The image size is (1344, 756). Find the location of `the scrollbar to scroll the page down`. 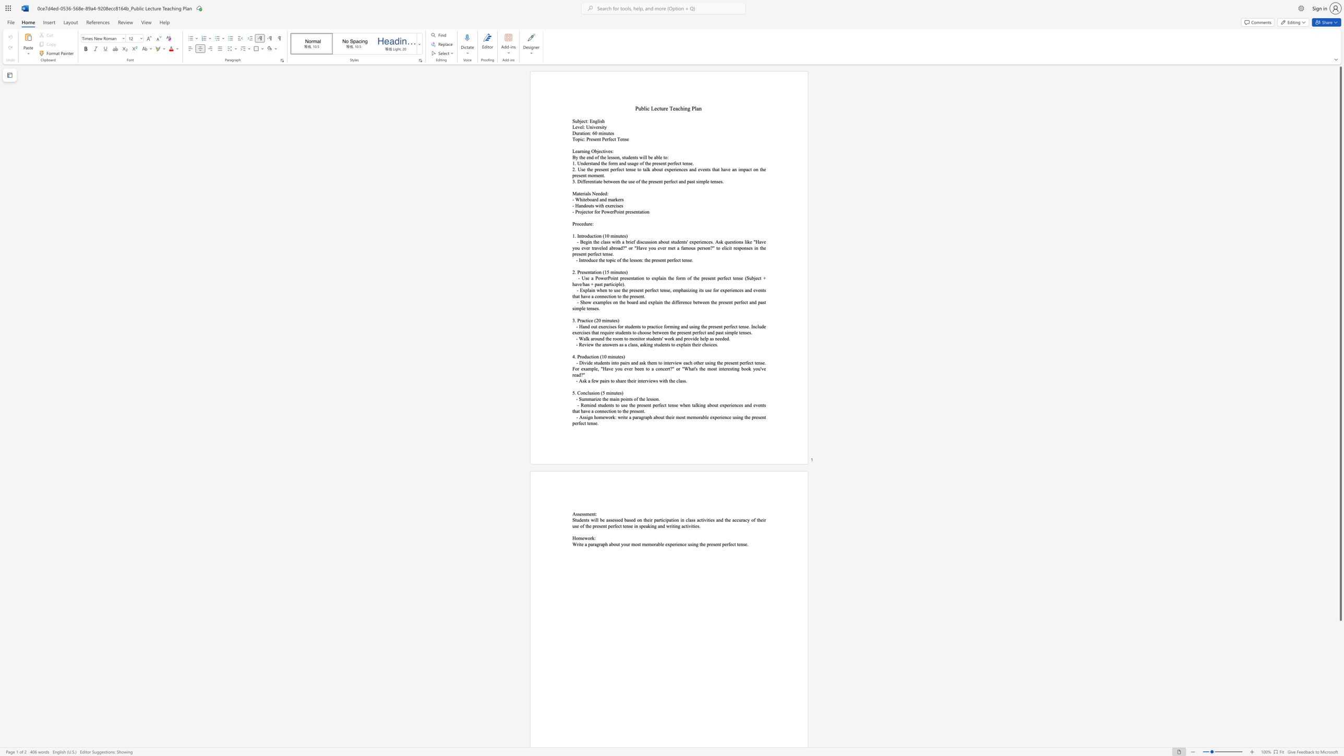

the scrollbar to scroll the page down is located at coordinates (1340, 682).